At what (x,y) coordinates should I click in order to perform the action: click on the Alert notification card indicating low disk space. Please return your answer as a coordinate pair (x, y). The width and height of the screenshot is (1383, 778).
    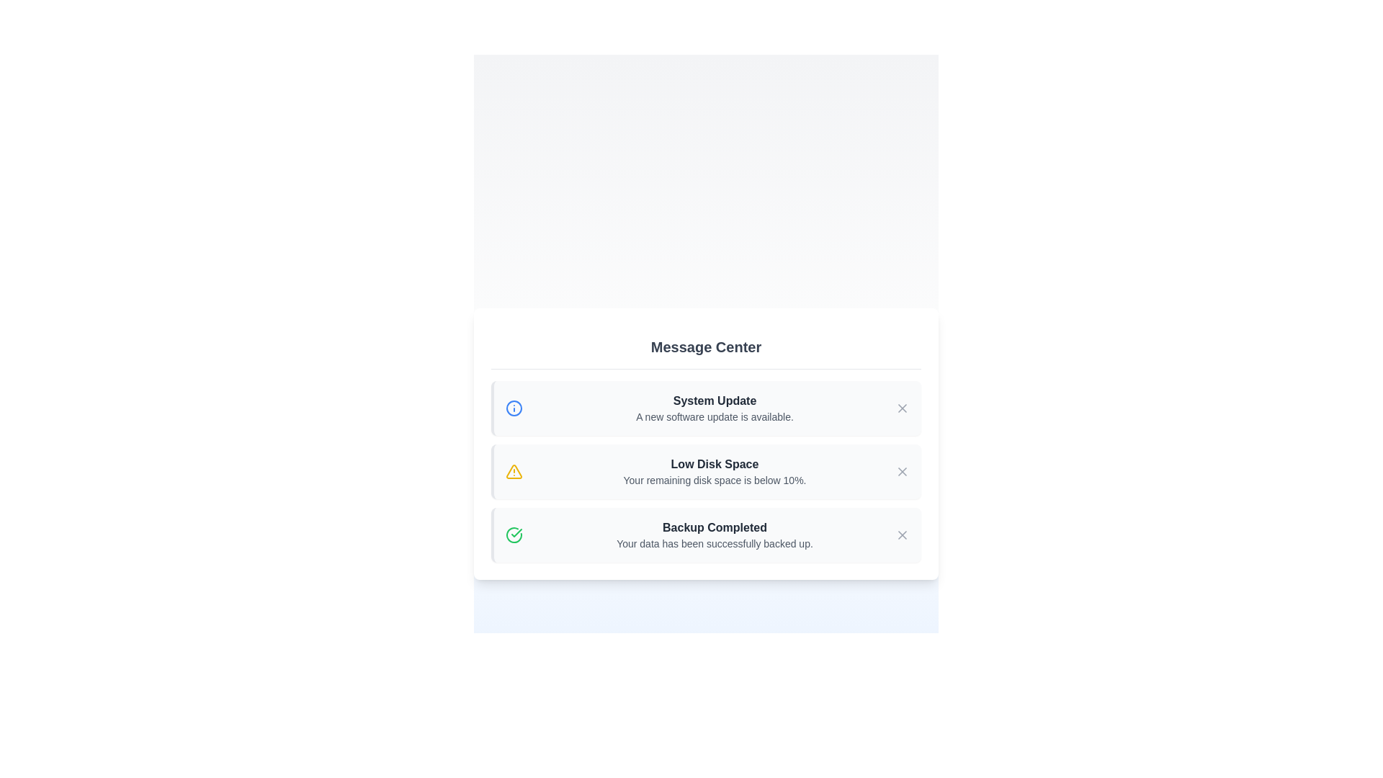
    Looking at the image, I should click on (706, 471).